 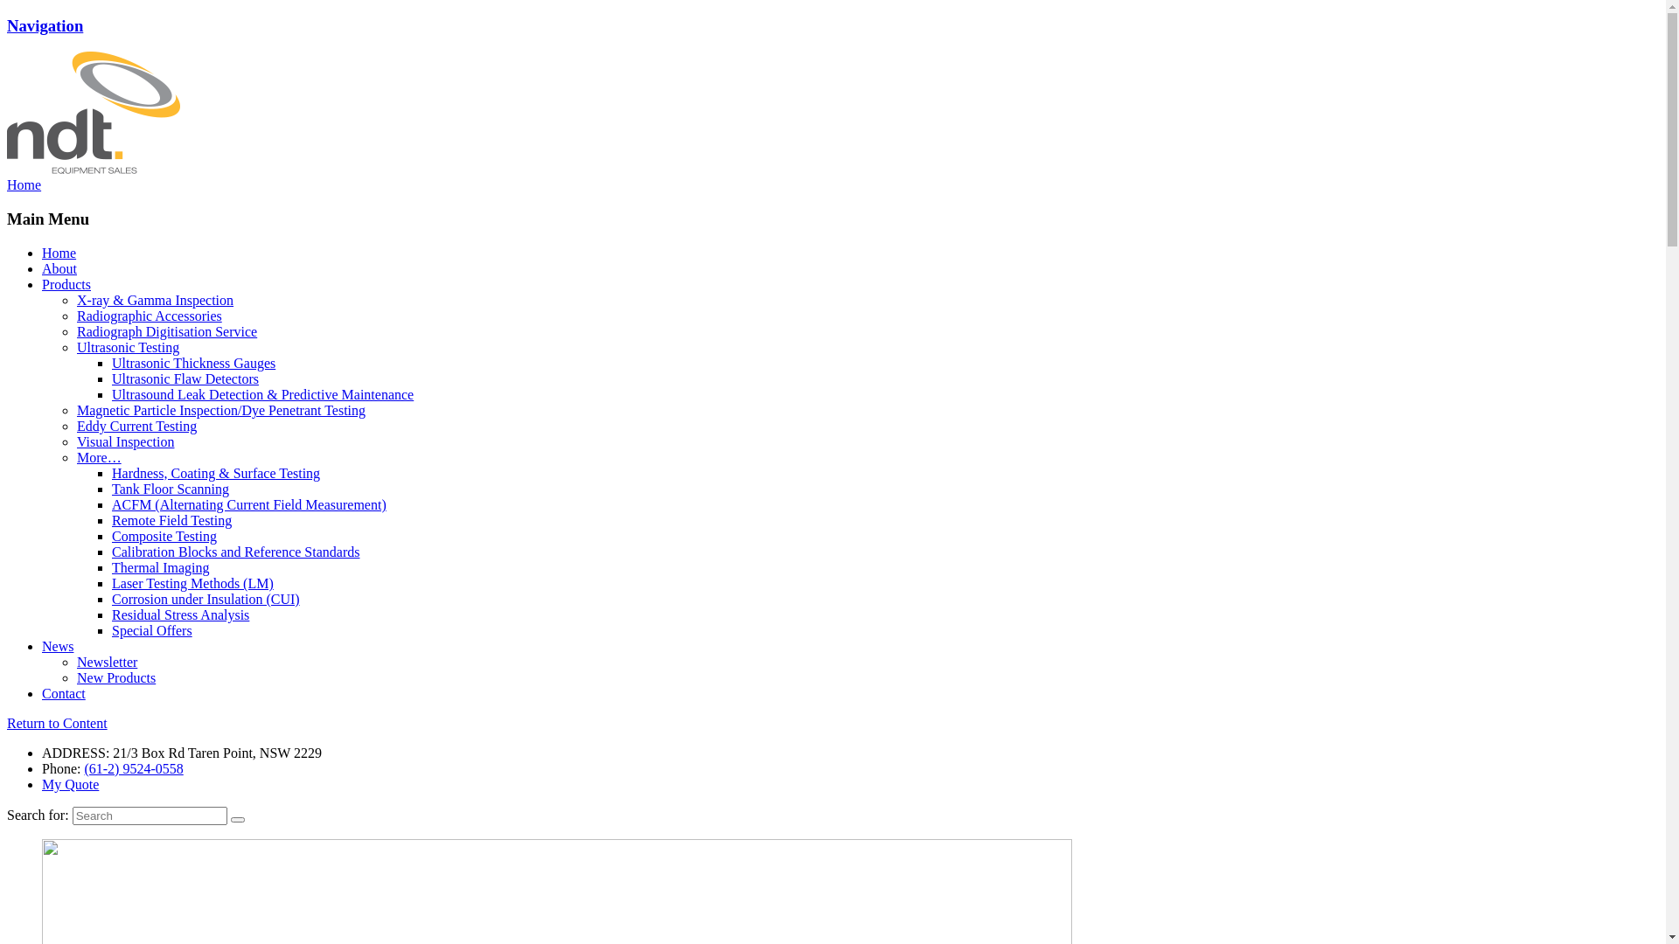 I want to click on 'New Products', so click(x=115, y=677).